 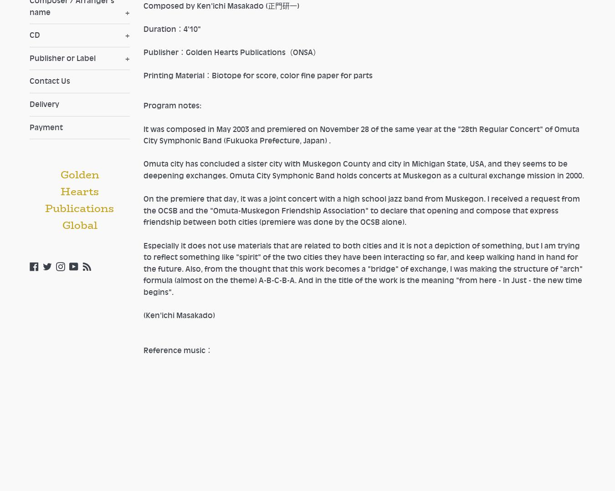 What do you see at coordinates (143, 134) in the screenshot?
I see `'It was composed in May 2003 and premiered on November 28 of the same year at the "28th Regular Concert" of Omuta City Symphonic Band (Fukuoka Prefecture, Japan) .'` at bounding box center [143, 134].